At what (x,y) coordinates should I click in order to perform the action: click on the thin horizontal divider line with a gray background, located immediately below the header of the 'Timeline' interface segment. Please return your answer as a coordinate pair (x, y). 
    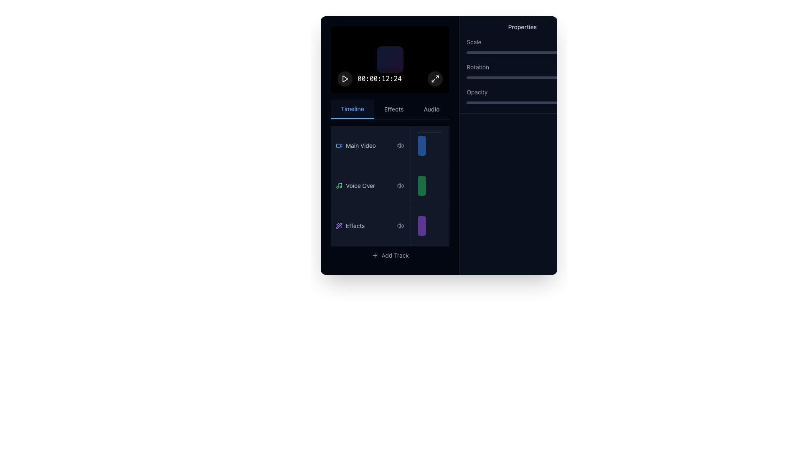
    Looking at the image, I should click on (430, 132).